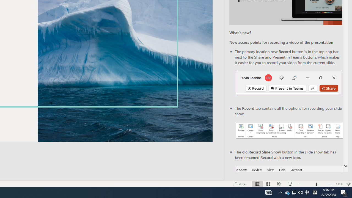  I want to click on 'Record your presentations screenshot one', so click(289, 130).